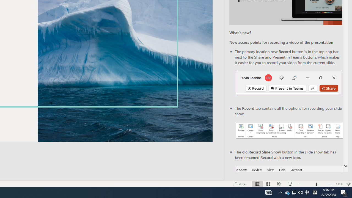  I want to click on 'Record your presentations screenshot one', so click(289, 130).